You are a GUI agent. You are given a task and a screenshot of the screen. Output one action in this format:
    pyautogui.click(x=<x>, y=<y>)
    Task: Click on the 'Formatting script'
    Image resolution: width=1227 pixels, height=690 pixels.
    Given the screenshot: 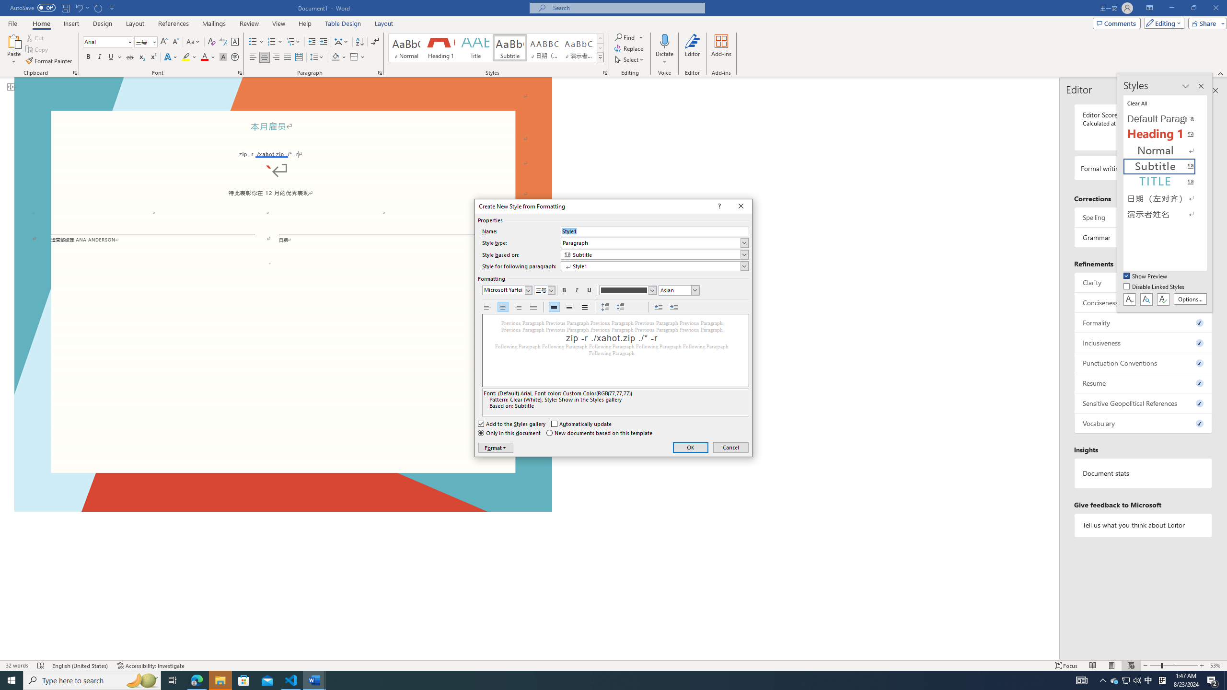 What is the action you would take?
    pyautogui.click(x=678, y=290)
    